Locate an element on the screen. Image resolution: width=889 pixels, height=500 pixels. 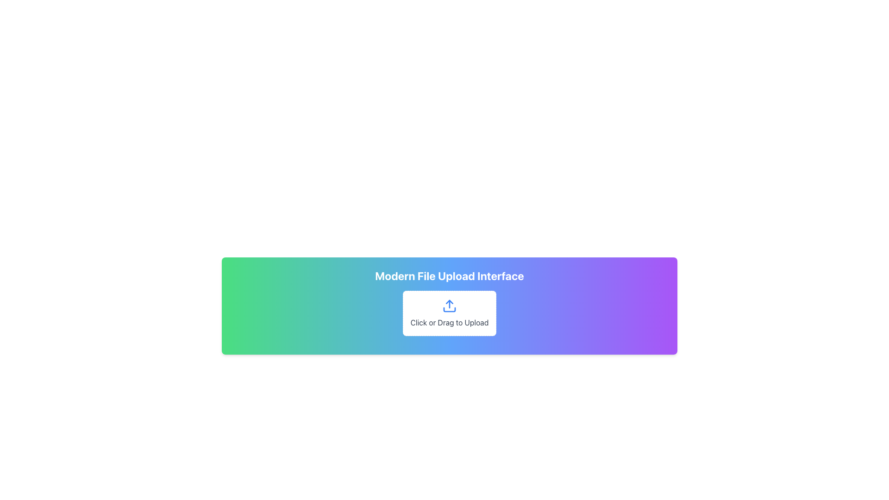
the header text element that serves as a title for the file upload interface, providing clarity on the section's purpose is located at coordinates (449, 275).